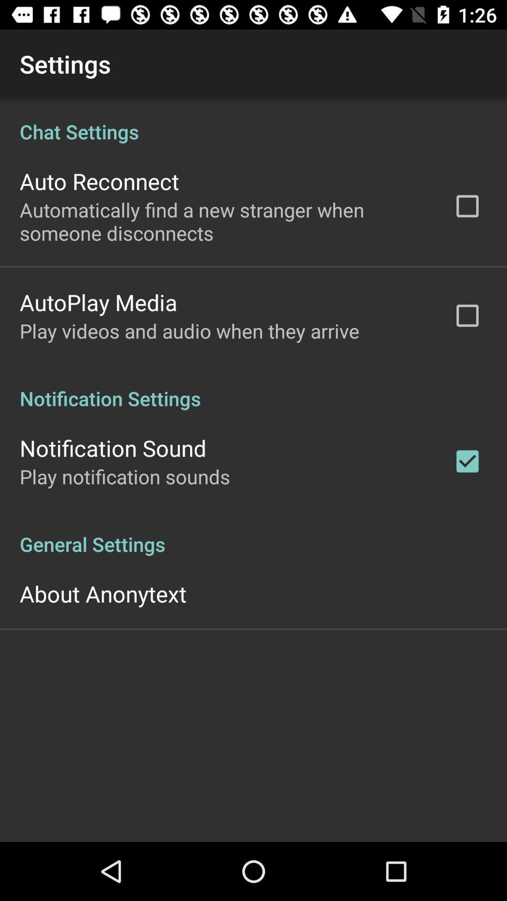 Image resolution: width=507 pixels, height=901 pixels. I want to click on item below the settings icon, so click(253, 121).